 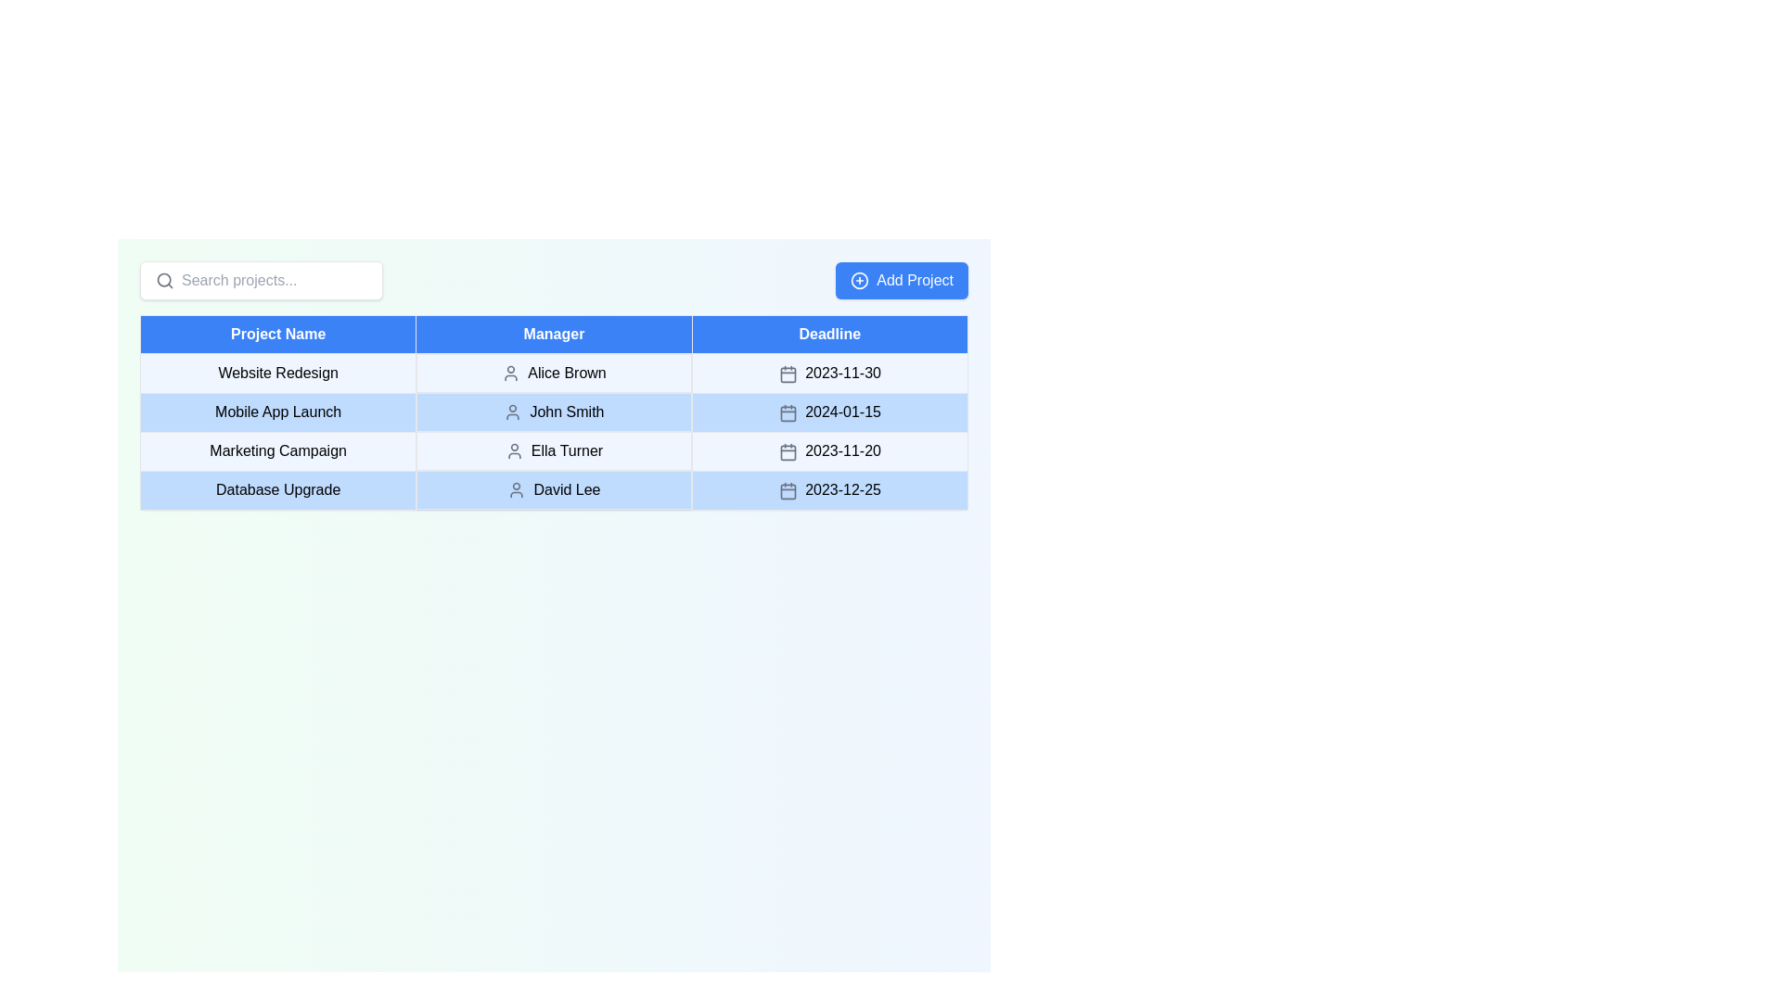 I want to click on text from the 'Project Name' label, which is a rectangular label with white text on a bold blue background, located in the header row of the table, so click(x=277, y=335).